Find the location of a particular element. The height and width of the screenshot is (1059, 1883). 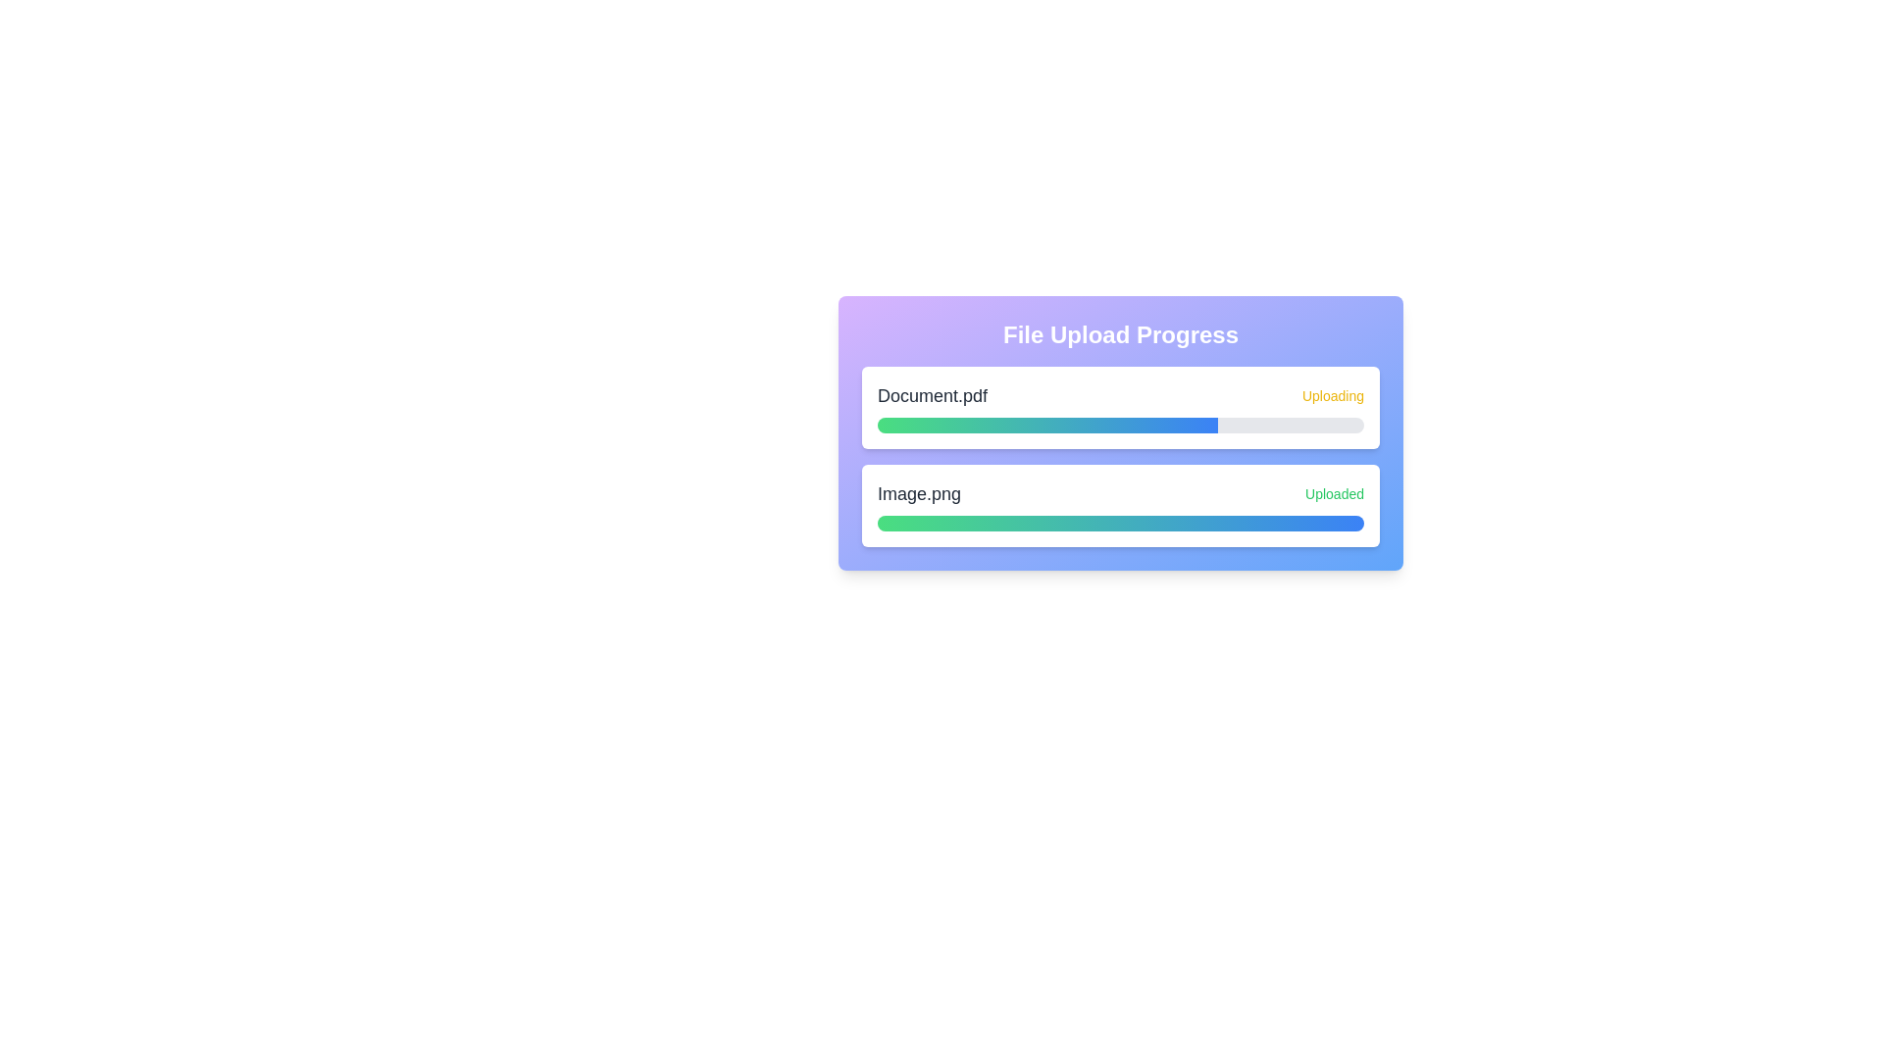

the text of the file name 'Document.pdf' for copying or highlighting is located at coordinates (931, 396).